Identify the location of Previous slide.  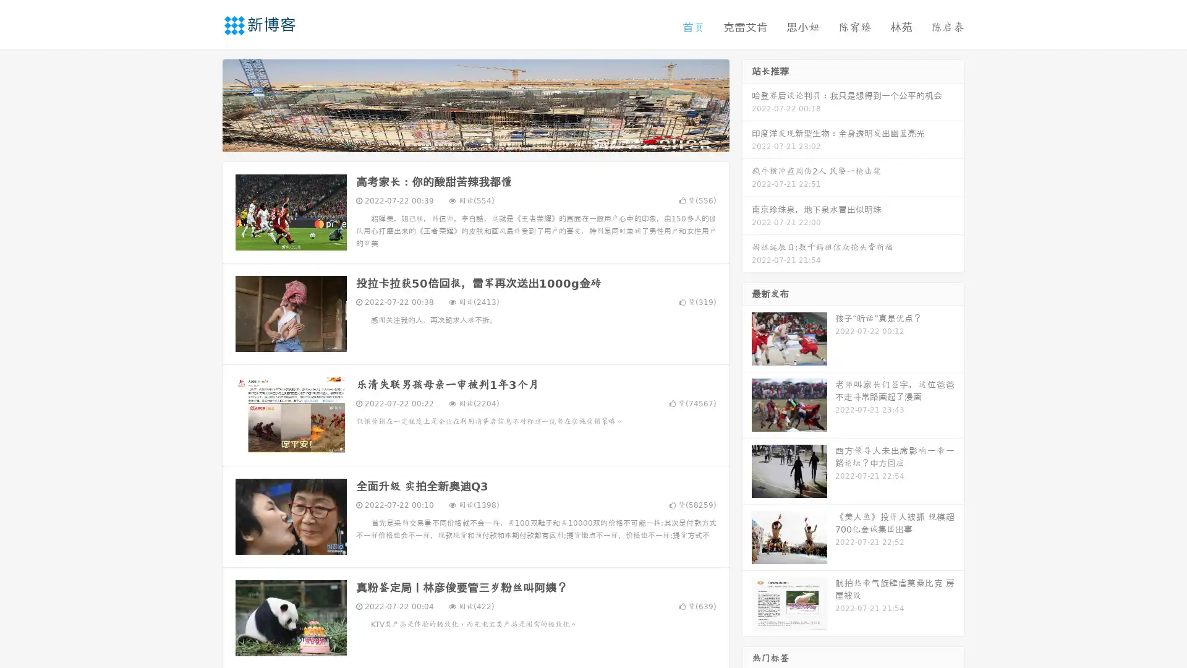
(204, 104).